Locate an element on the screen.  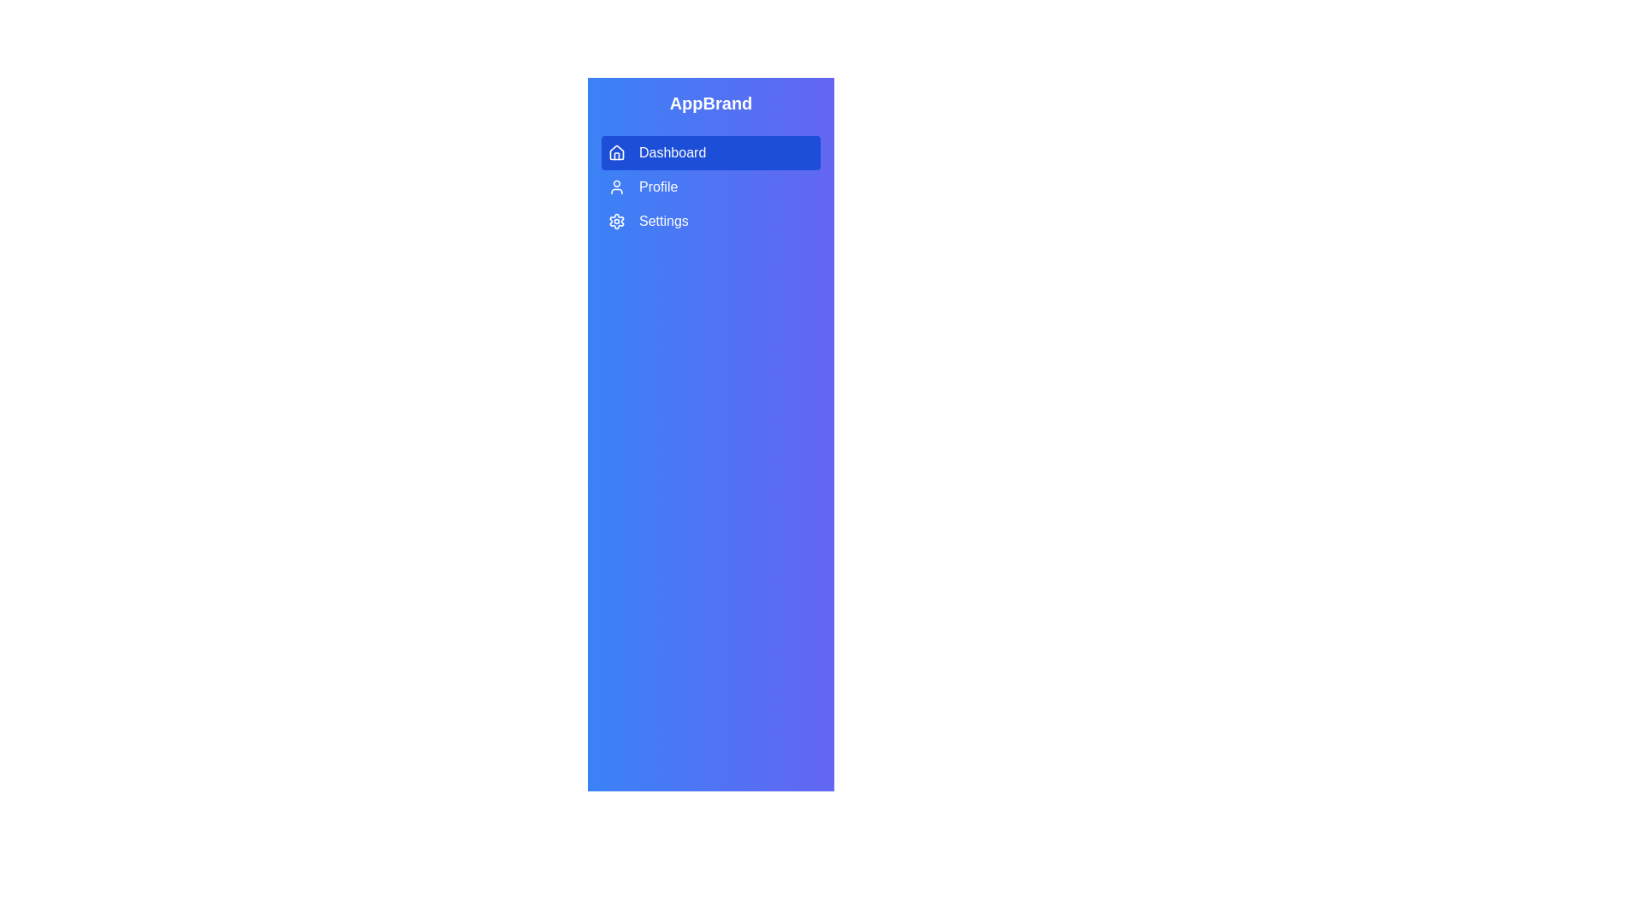
the 'Settings' icon located at the bottom of the vertical sidebar is located at coordinates (616, 220).